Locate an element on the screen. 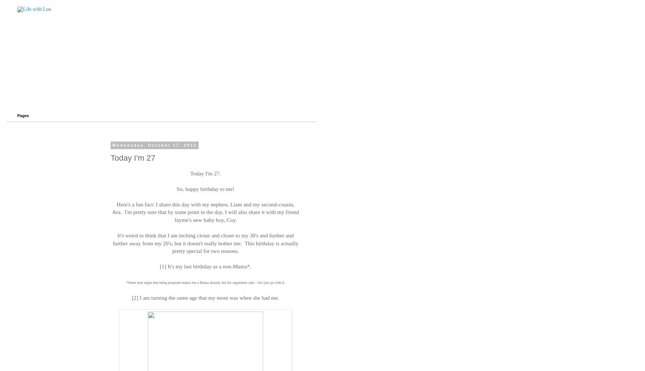 This screenshot has height=371, width=645. 'Wednesday, October 17, 2012' is located at coordinates (154, 145).